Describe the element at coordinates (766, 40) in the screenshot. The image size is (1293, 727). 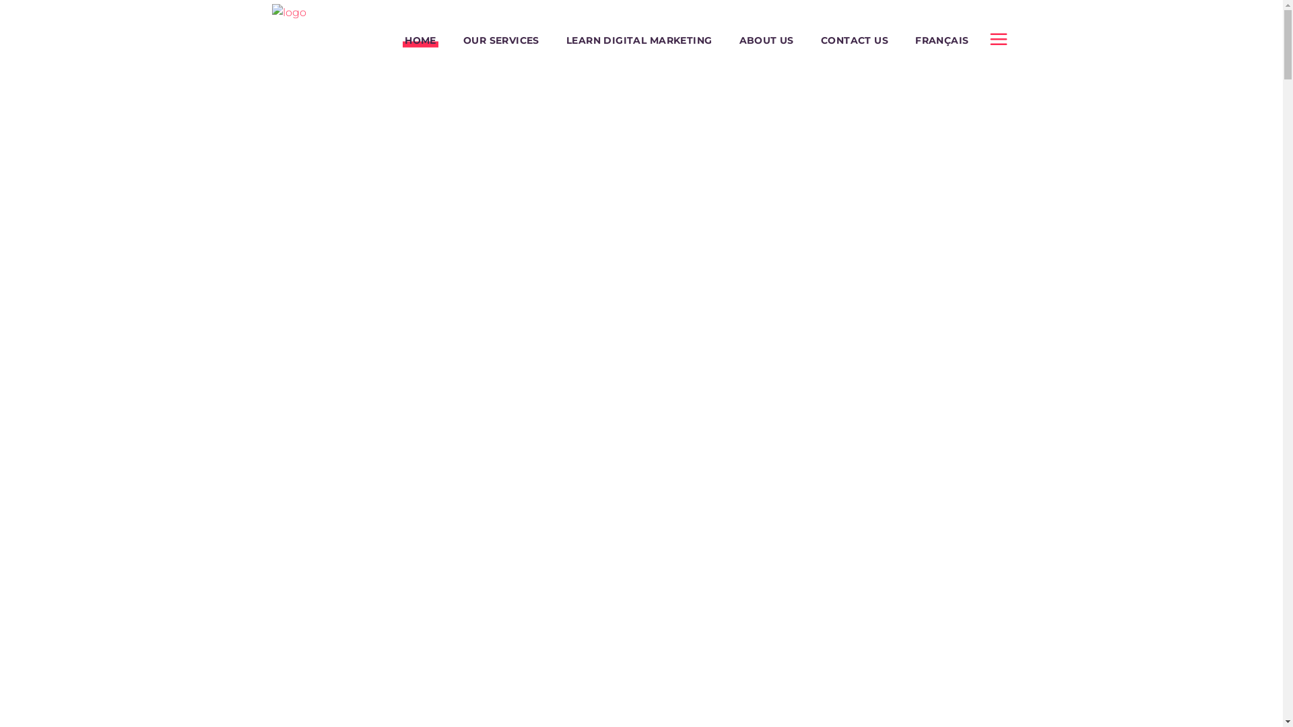
I see `'ABOUT US'` at that location.